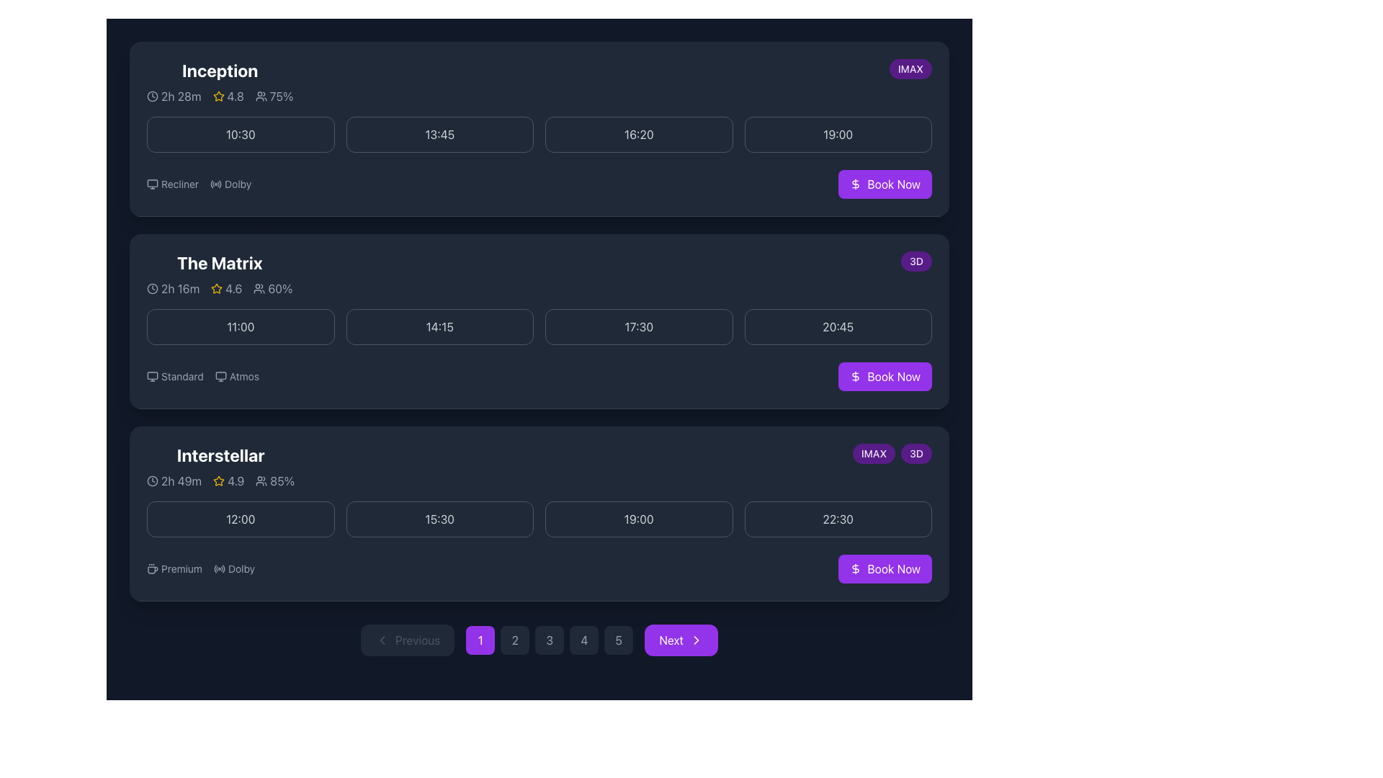 The width and height of the screenshot is (1383, 778). What do you see at coordinates (200, 568) in the screenshot?
I see `the horizontal arrangement of the 'Premium' and 'Dolby' labels with their respective icons` at bounding box center [200, 568].